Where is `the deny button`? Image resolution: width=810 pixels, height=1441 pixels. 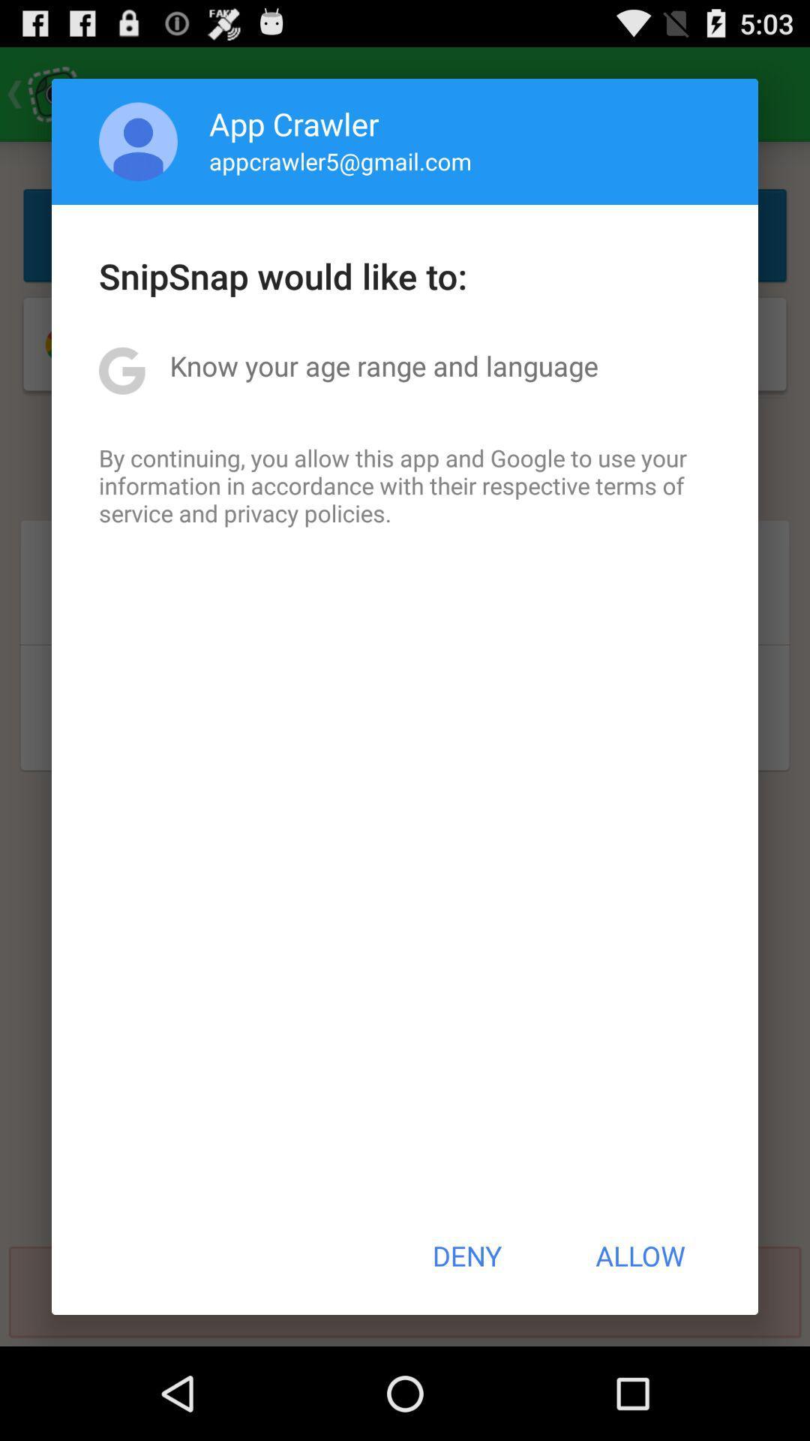 the deny button is located at coordinates (466, 1256).